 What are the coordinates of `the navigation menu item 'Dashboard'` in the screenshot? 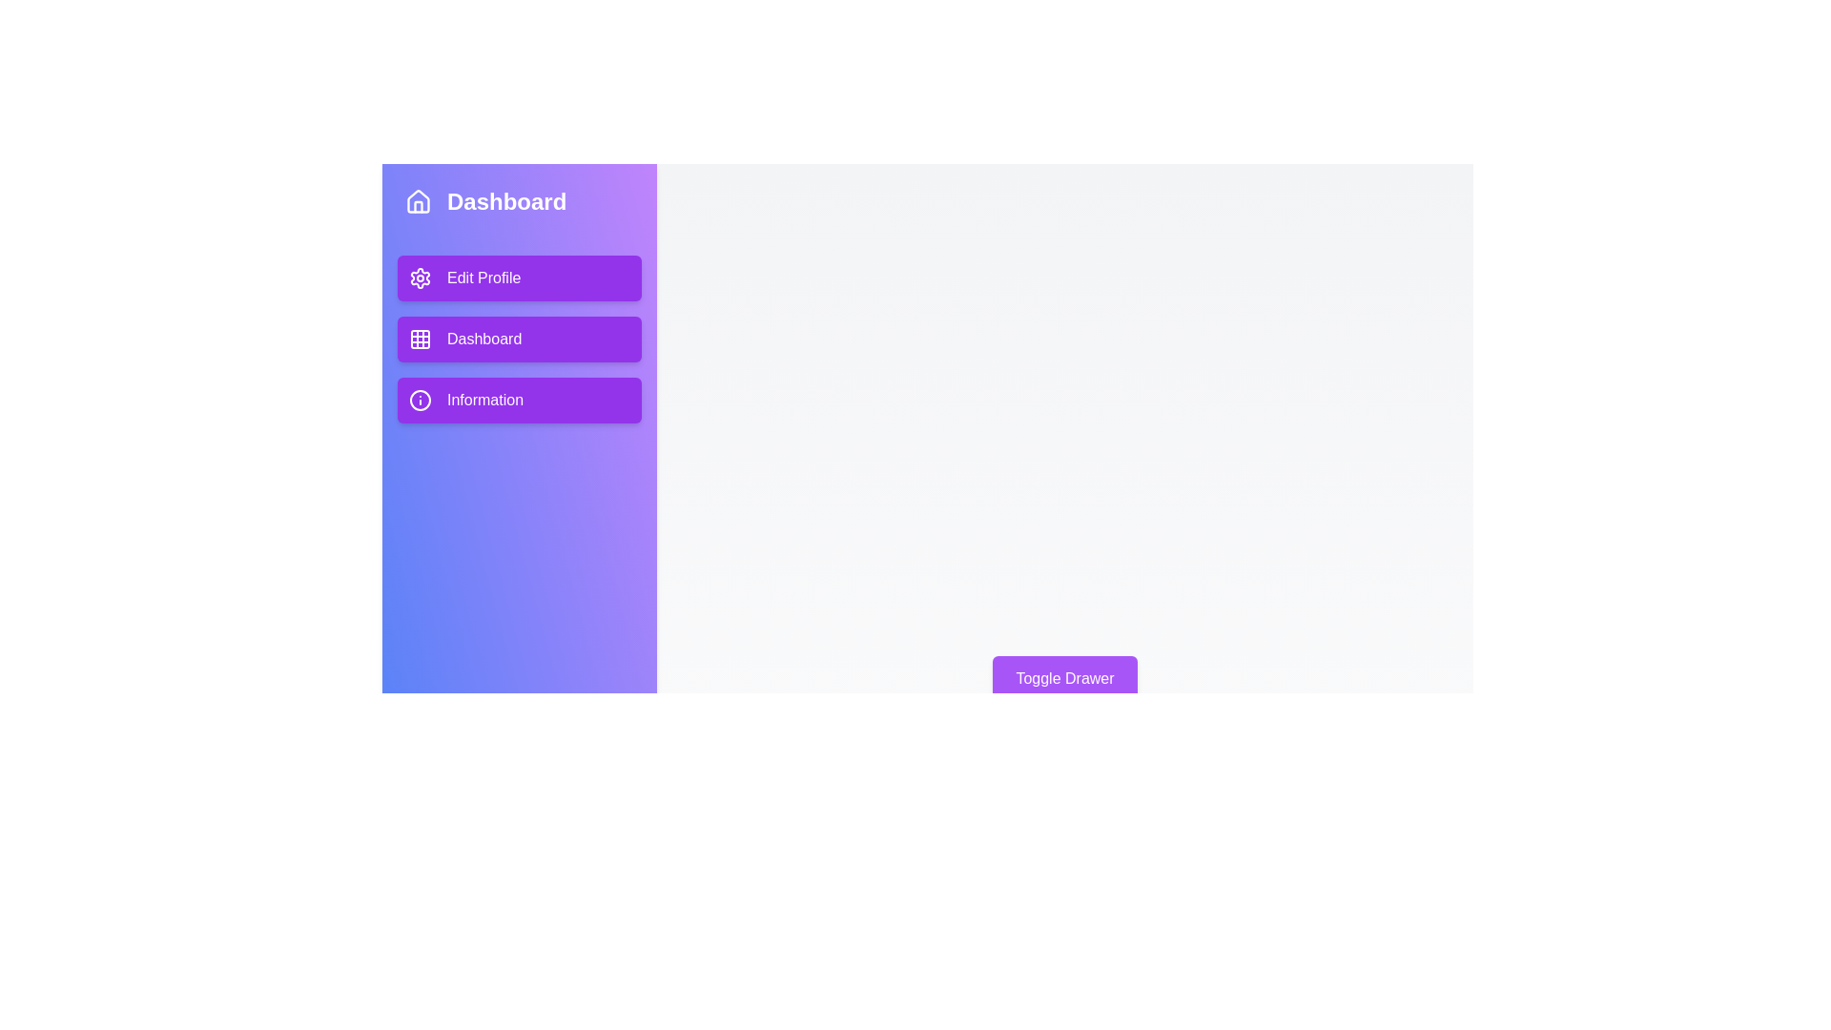 It's located at (520, 338).